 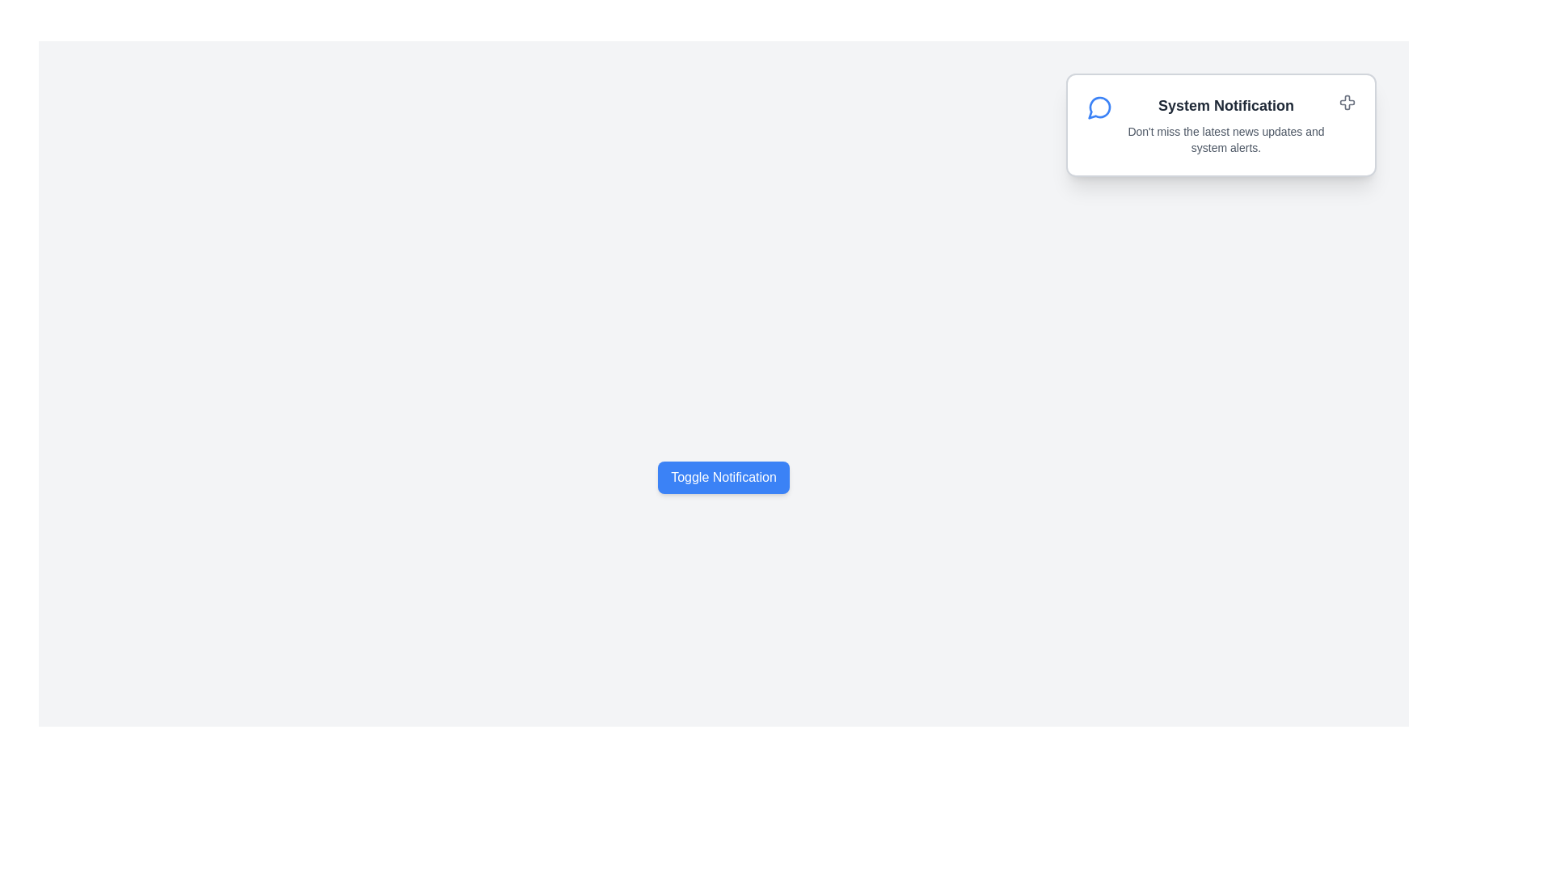 What do you see at coordinates (723, 476) in the screenshot?
I see `the rectangular button with rounded corners that has a blue background and white text reading 'Toggle Notification'` at bounding box center [723, 476].